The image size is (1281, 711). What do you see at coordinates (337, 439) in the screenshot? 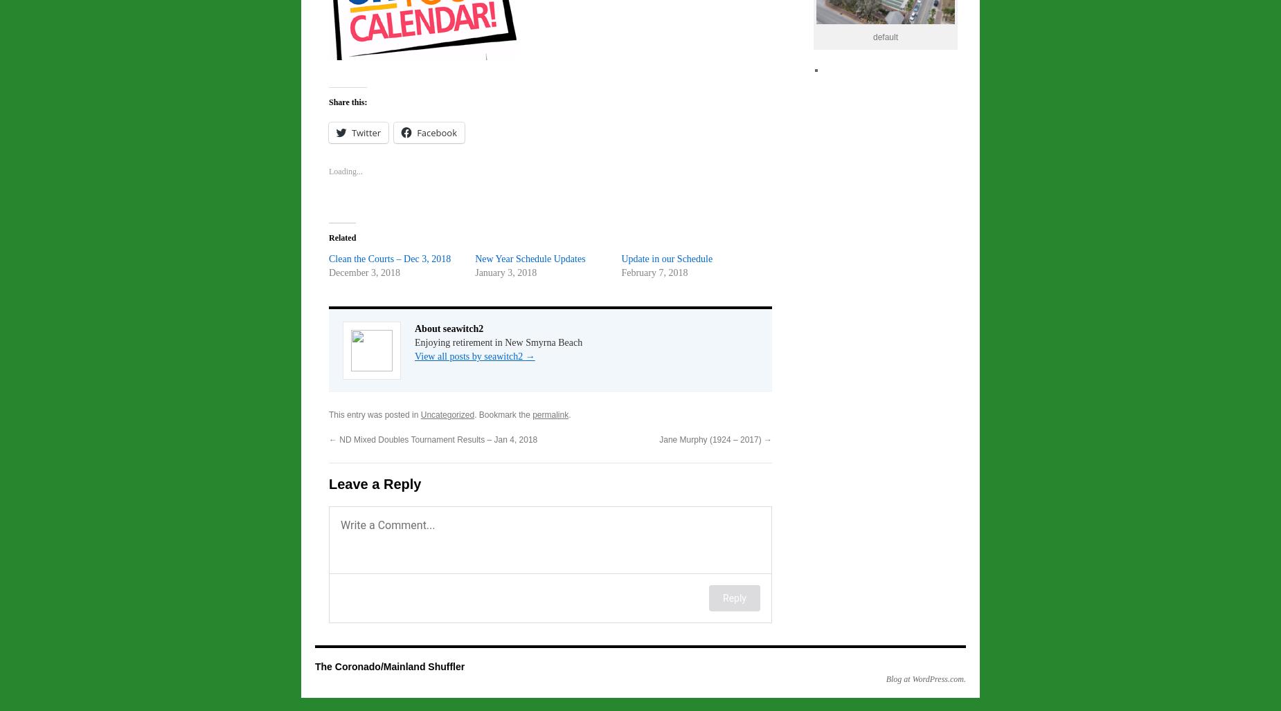
I see `'ND Mixed Doubles Tournament Results – Jan 4, 2018'` at bounding box center [337, 439].